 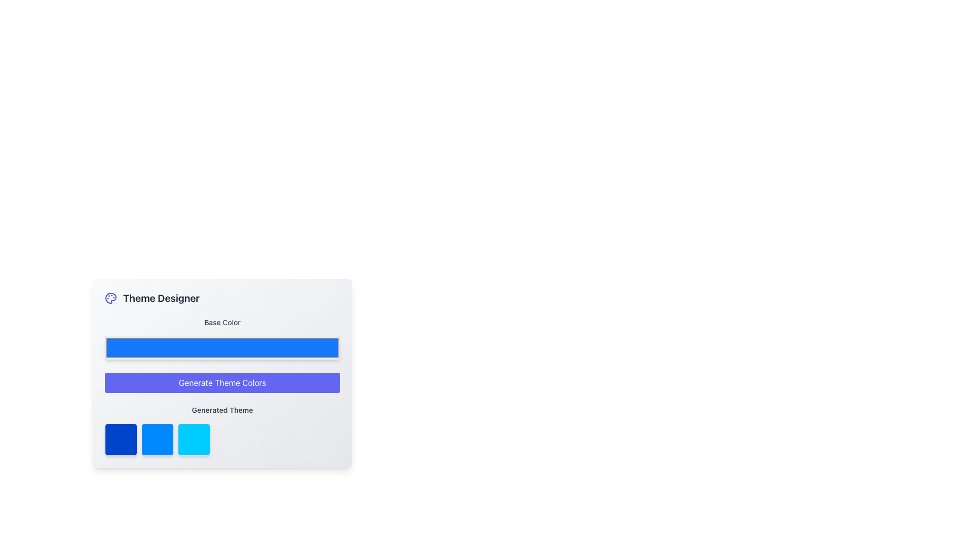 I want to click on one of the color swatches in the 'Generated Theme' section located below the 'Generate Theme Colors' button within the 'Theme Designer' card, so click(x=221, y=430).